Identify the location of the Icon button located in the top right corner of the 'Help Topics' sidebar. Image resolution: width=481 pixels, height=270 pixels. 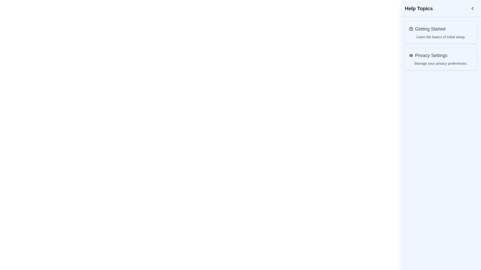
(472, 8).